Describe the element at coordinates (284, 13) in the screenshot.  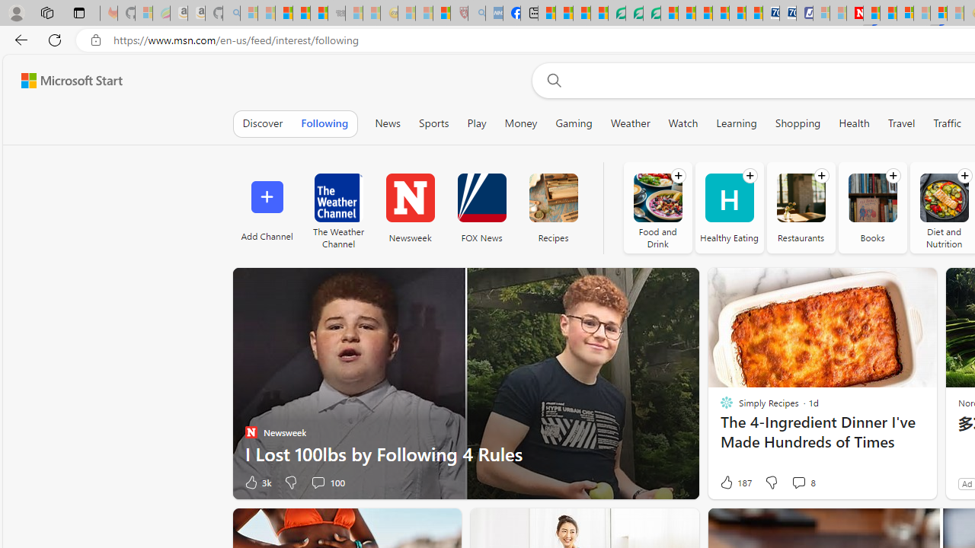
I see `'The Weather Channel - MSN'` at that location.